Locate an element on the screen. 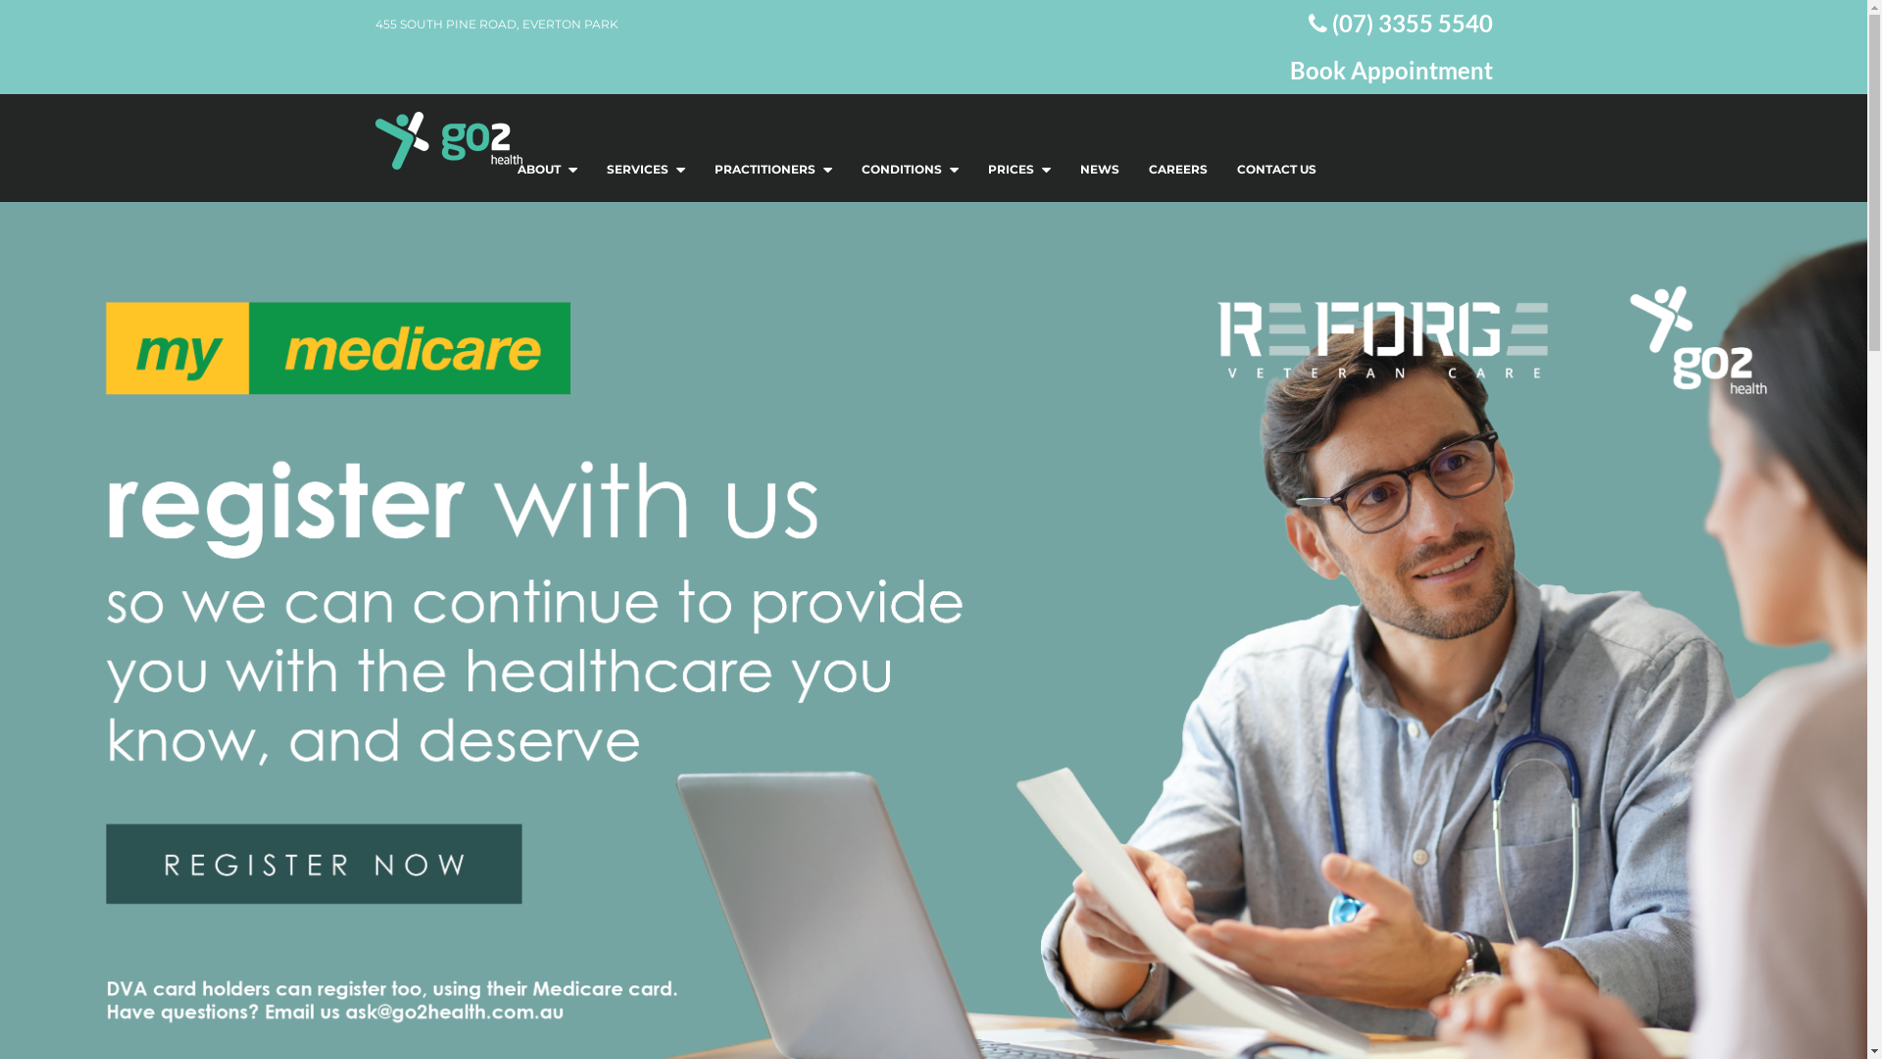 This screenshot has height=1059, width=1882. 'CAREERS' is located at coordinates (1176, 169).